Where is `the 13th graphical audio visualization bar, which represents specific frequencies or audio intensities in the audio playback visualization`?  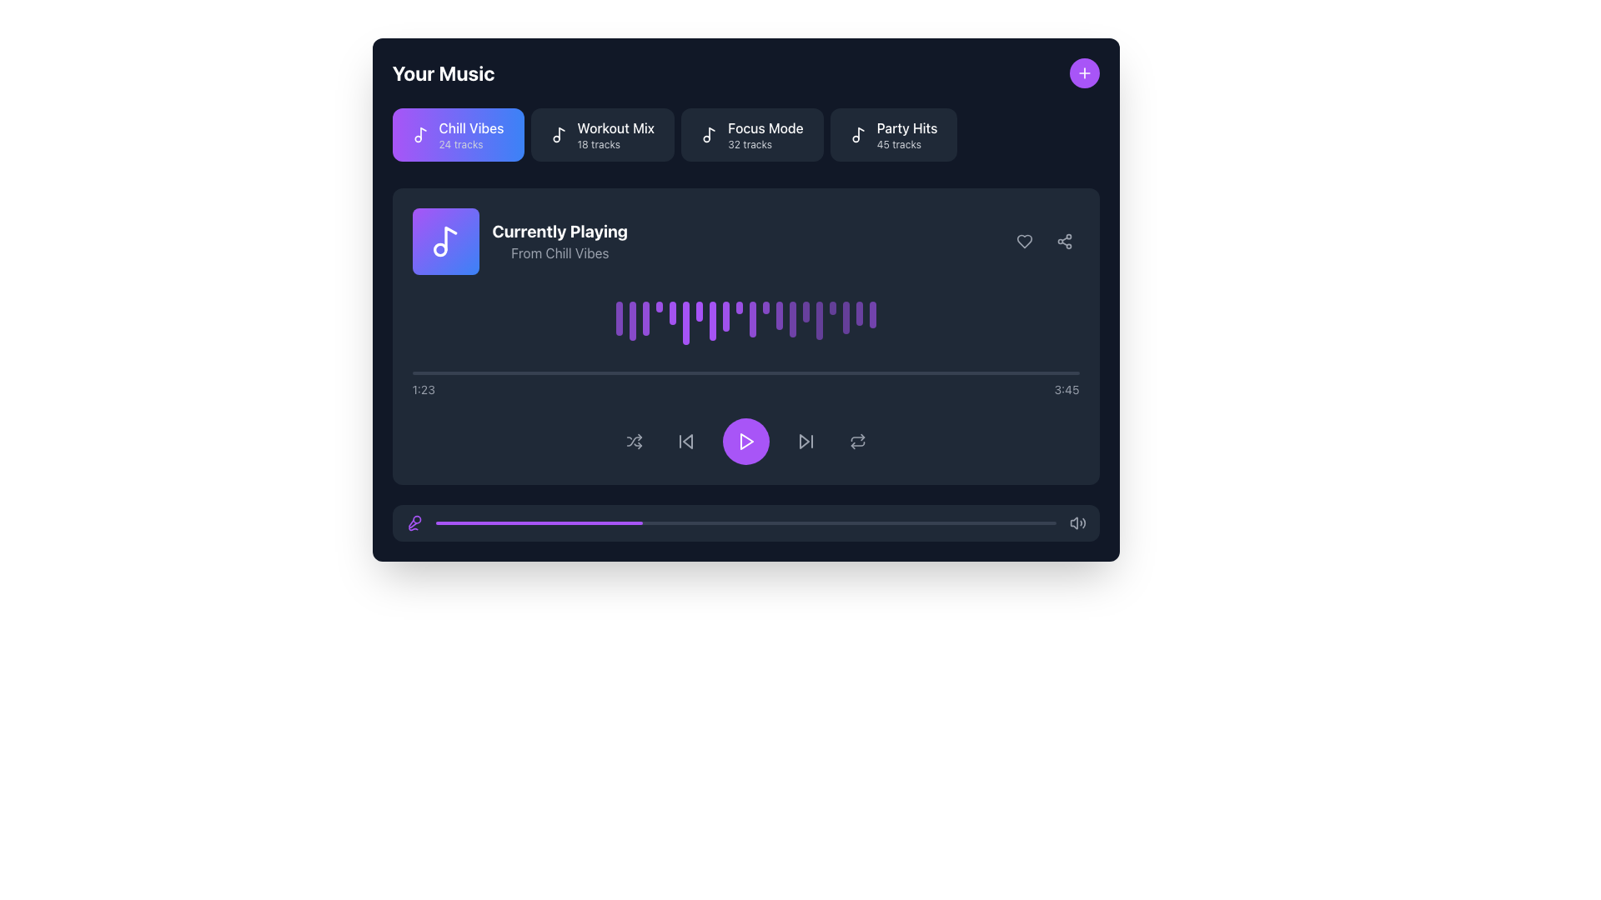
the 13th graphical audio visualization bar, which represents specific frequencies or audio intensities in the audio playback visualization is located at coordinates (778, 316).